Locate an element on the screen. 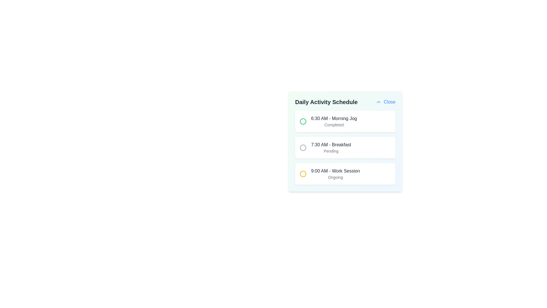  the text display that shows the current status 'Pending' for the '7:30 AM - Breakfast' activity, located beneath the respective time text is located at coordinates (331, 151).